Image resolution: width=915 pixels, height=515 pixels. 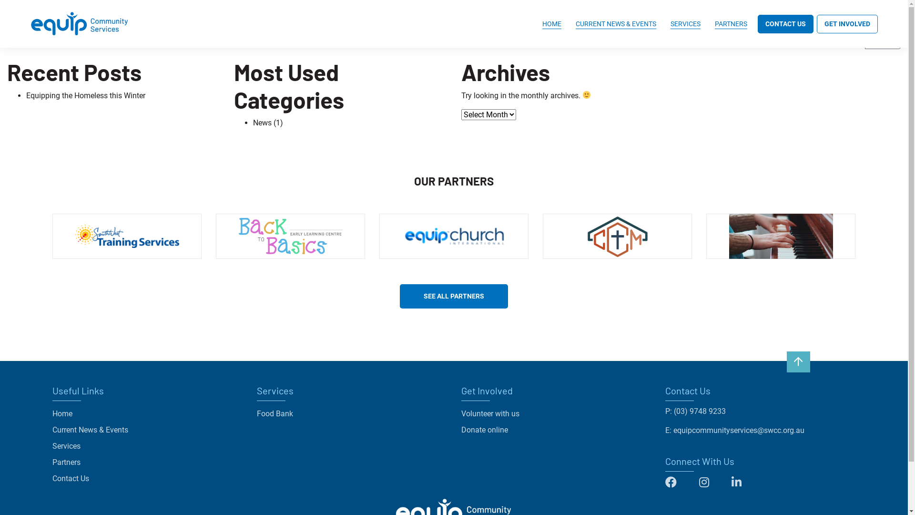 What do you see at coordinates (714, 23) in the screenshot?
I see `'PARTNERS'` at bounding box center [714, 23].